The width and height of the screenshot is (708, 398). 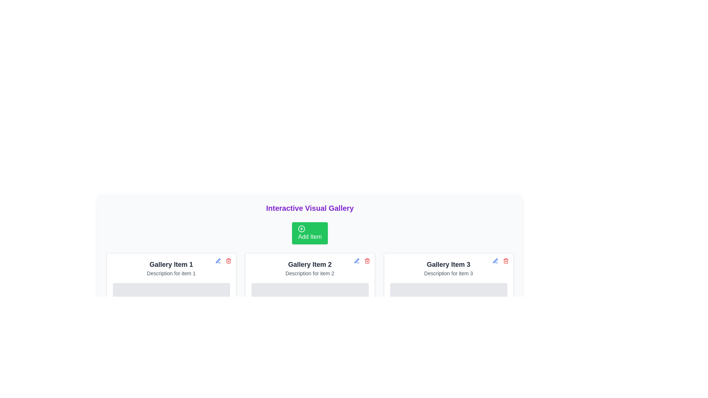 I want to click on the delete icon button located in the top-right corner of the first gallery item card, so click(x=228, y=261).